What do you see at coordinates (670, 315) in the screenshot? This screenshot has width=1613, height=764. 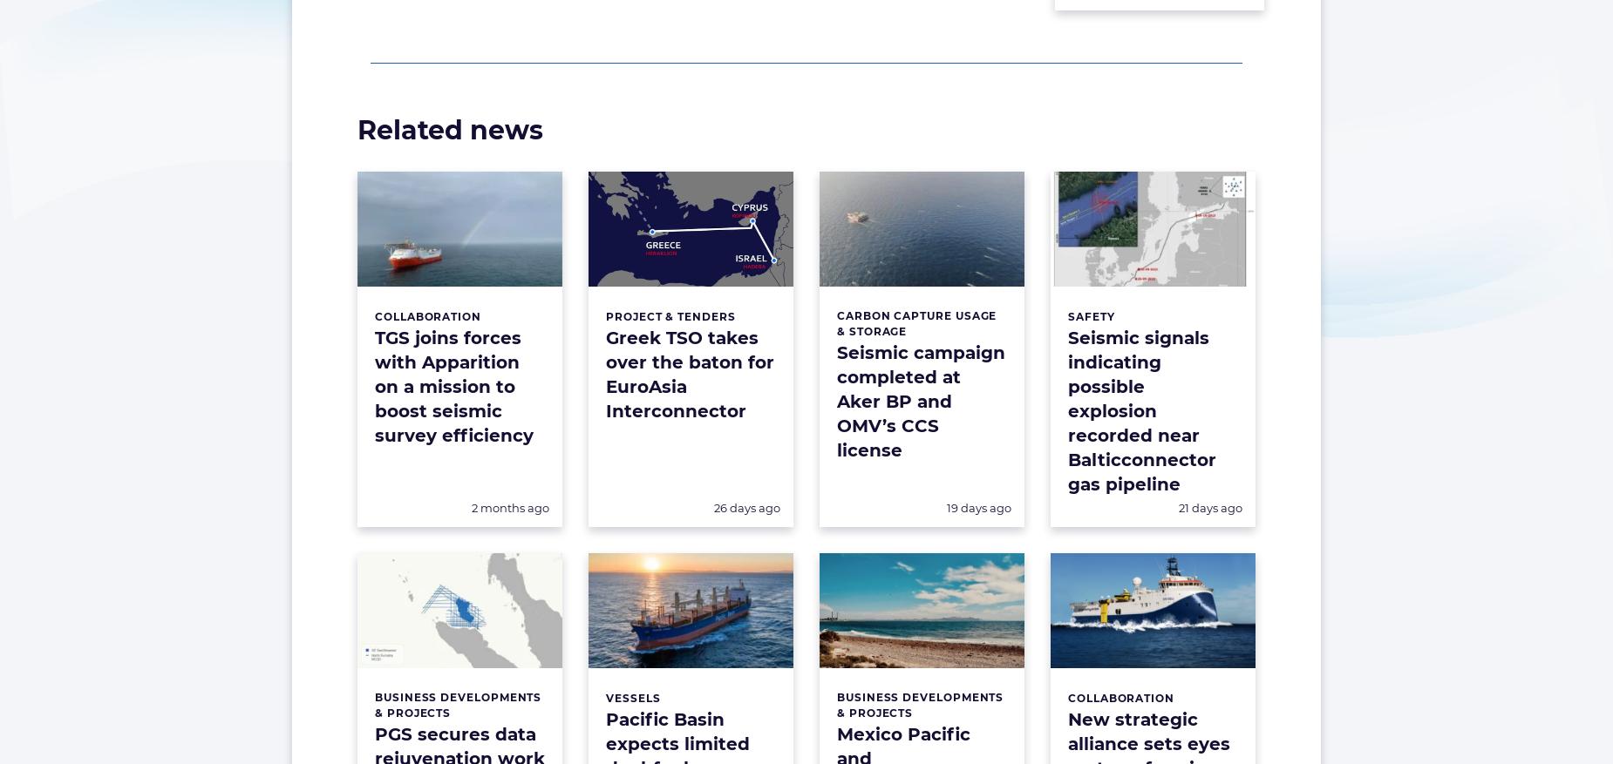 I see `'Project & Tenders'` at bounding box center [670, 315].